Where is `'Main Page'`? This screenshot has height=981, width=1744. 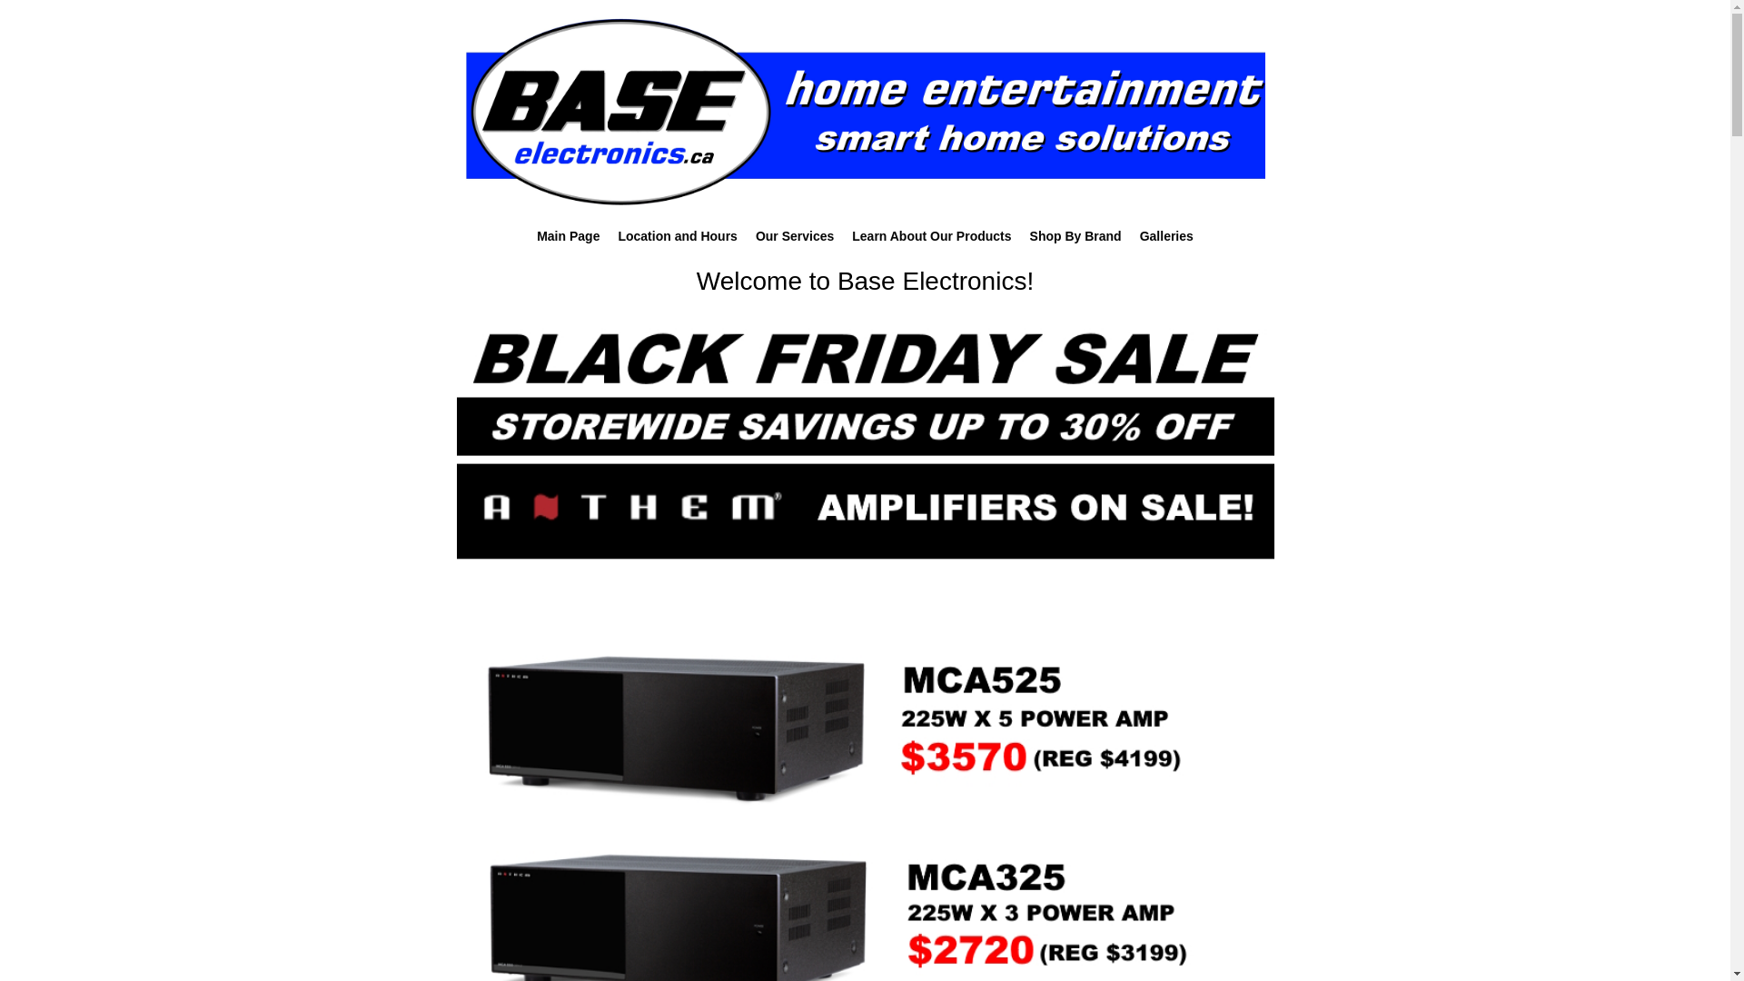
'Main Page' is located at coordinates (567, 236).